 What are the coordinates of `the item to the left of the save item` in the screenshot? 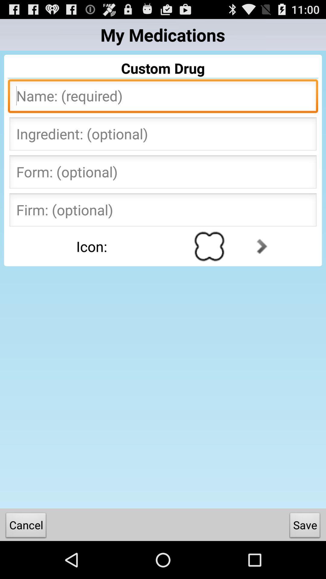 It's located at (26, 526).